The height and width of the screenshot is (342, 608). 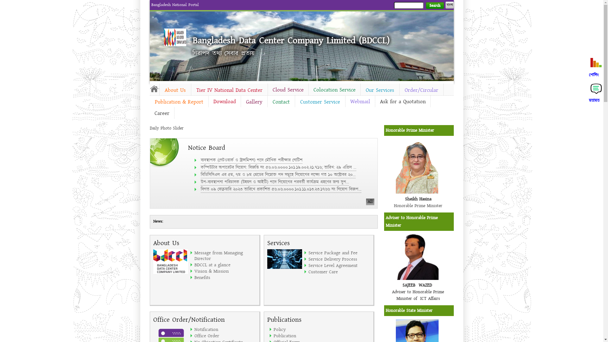 What do you see at coordinates (360, 101) in the screenshot?
I see `'Webmail'` at bounding box center [360, 101].